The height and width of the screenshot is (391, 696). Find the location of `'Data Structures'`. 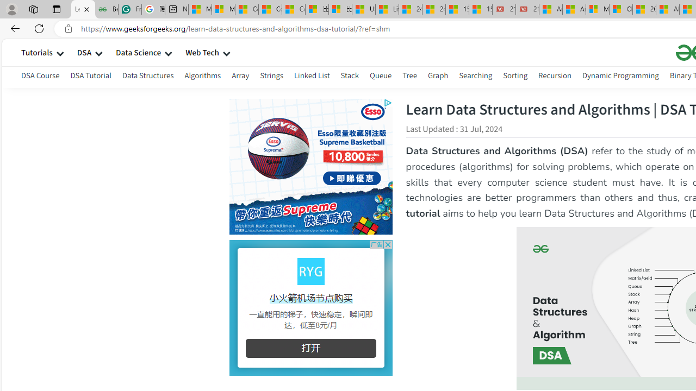

'Data Structures' is located at coordinates (147, 77).